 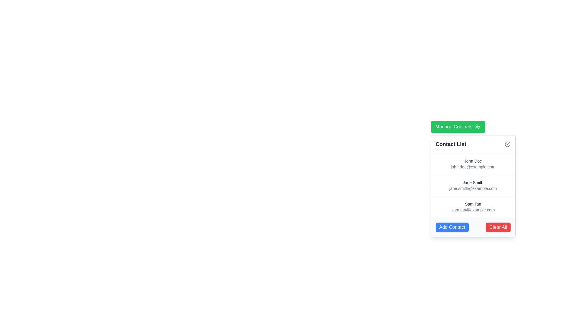 I want to click on displayed name 'Jane Smith' from the text label located in the middle row of the 'Contact List' panel, directly above the email 'jane.smith@example.com', so click(x=473, y=182).